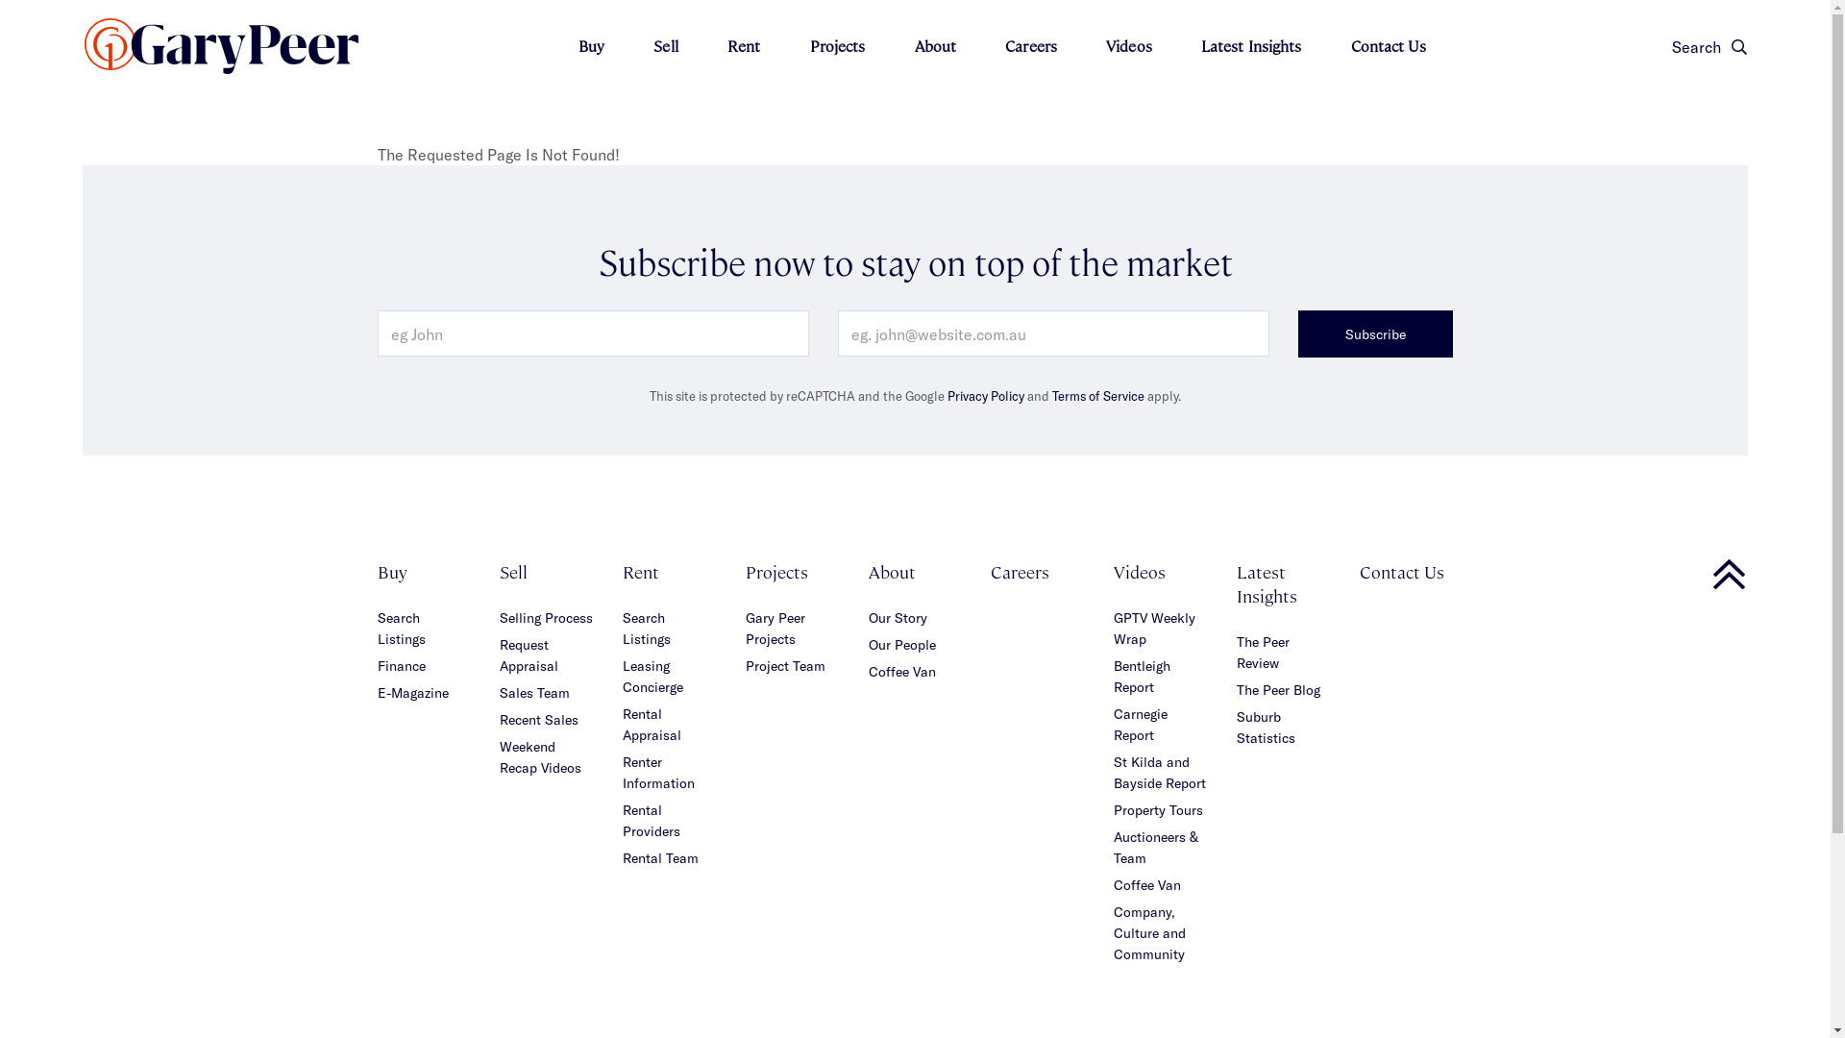 The width and height of the screenshot is (1845, 1038). I want to click on 'Careers', so click(1019, 570).